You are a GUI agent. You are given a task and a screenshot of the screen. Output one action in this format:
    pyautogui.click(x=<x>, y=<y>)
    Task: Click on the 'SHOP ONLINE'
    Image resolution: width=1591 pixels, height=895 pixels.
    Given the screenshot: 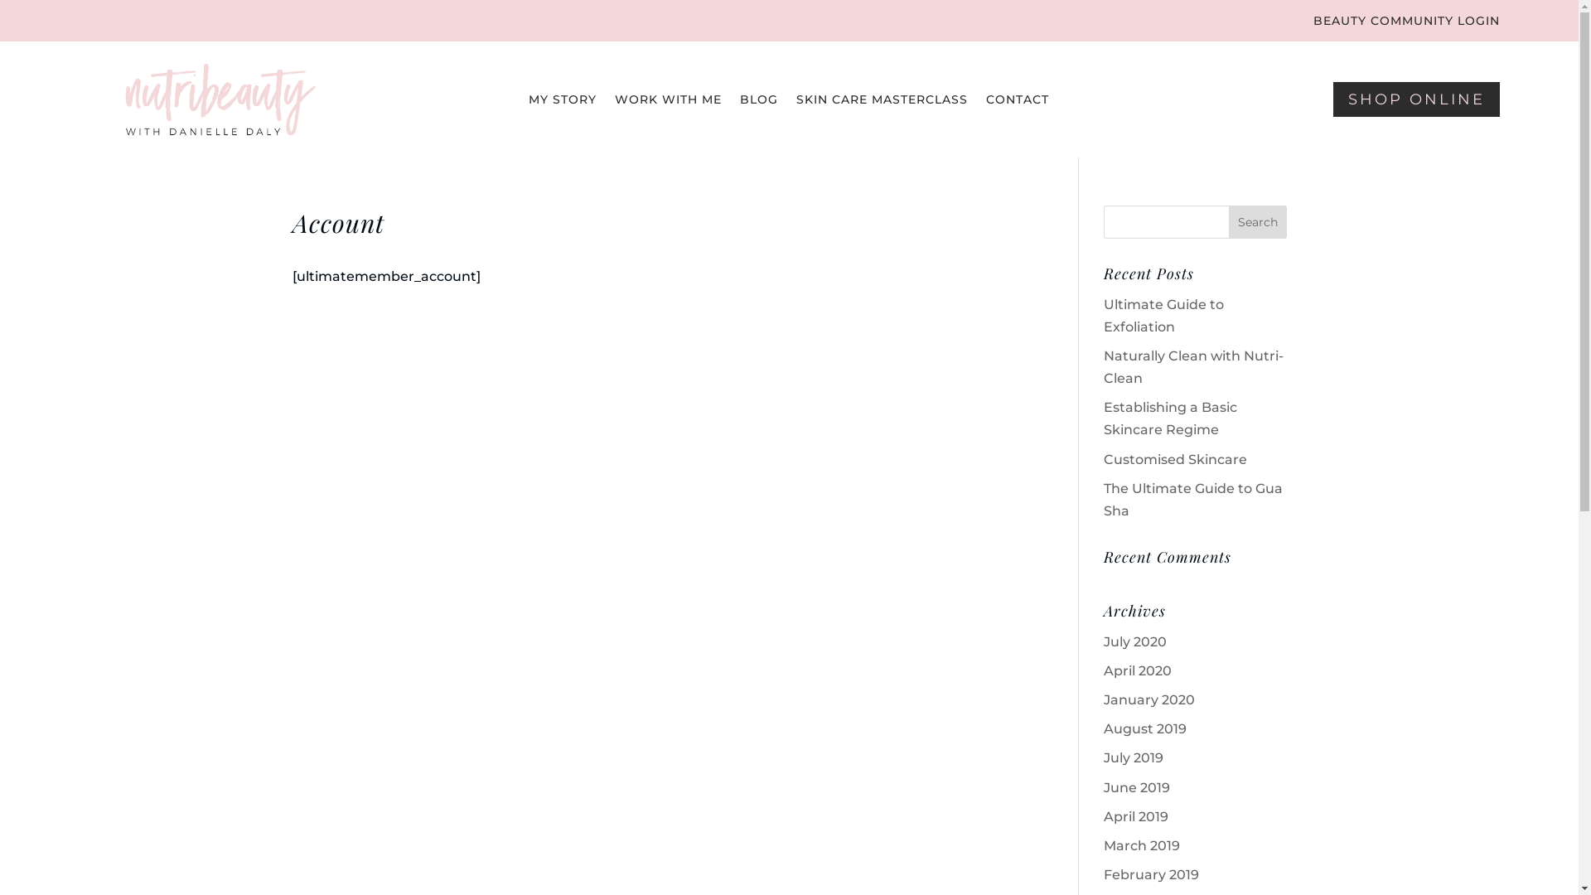 What is the action you would take?
    pyautogui.click(x=1415, y=99)
    